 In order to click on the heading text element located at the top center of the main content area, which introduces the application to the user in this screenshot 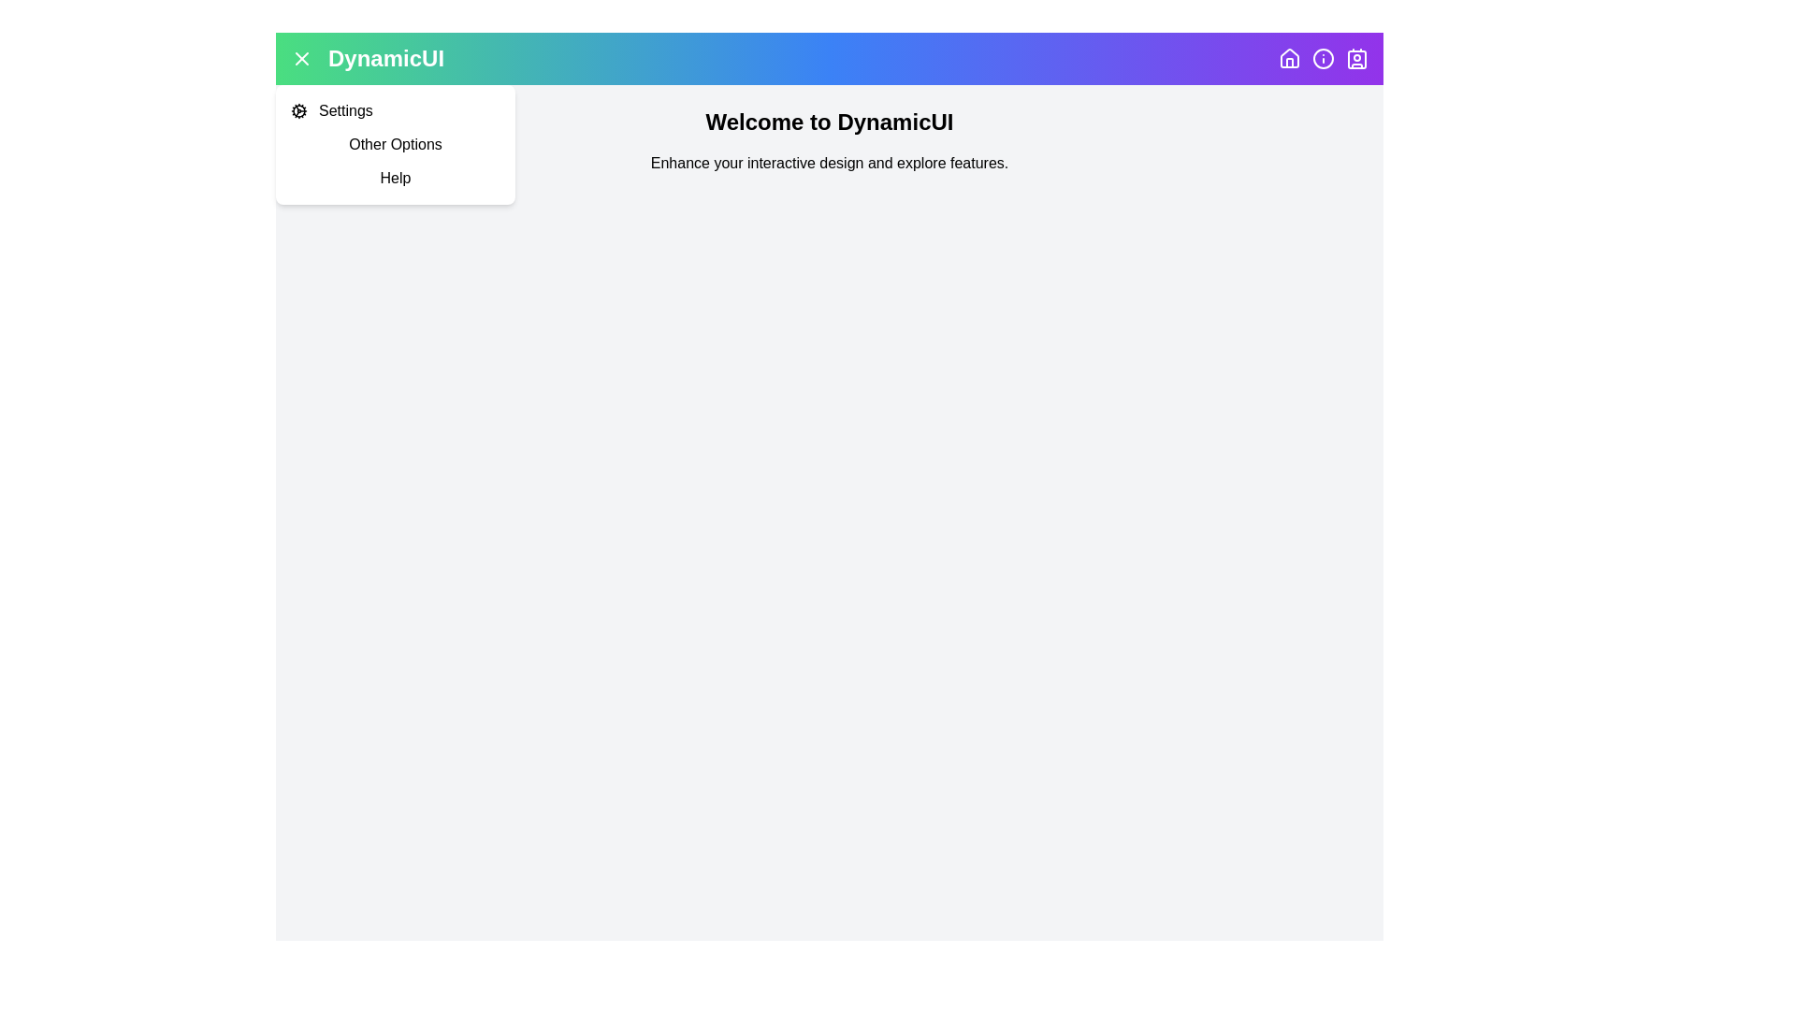, I will do `click(829, 123)`.